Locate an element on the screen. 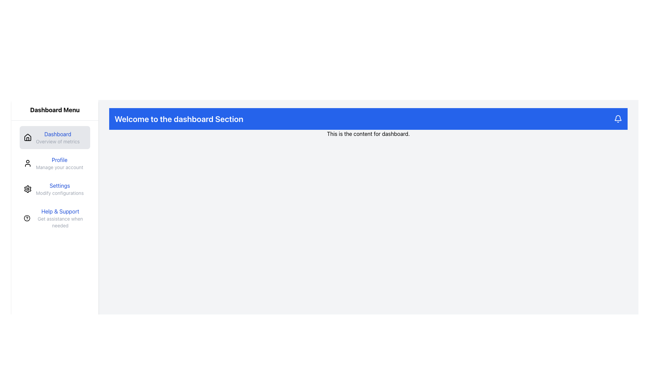  the gear-shaped icon associated with settings is located at coordinates (27, 189).